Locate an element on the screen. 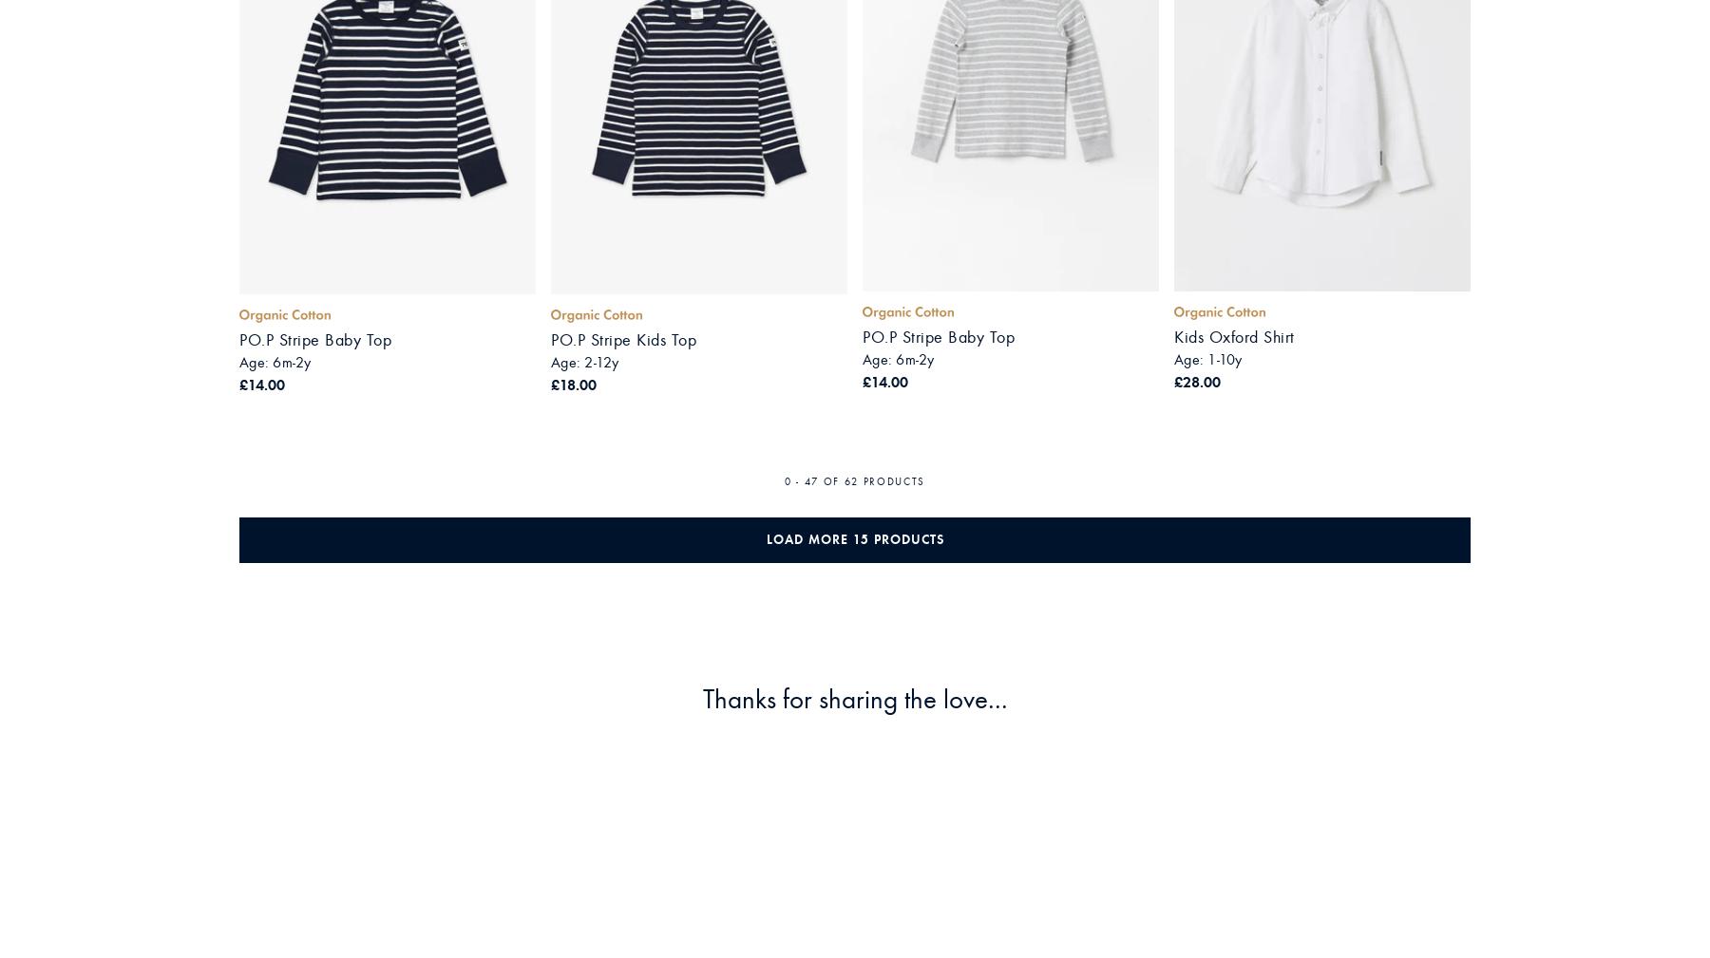 Image resolution: width=1710 pixels, height=958 pixels. '£28.00' is located at coordinates (1173, 380).